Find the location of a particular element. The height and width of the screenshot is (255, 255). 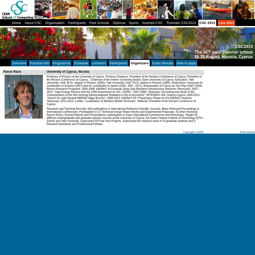

'The 36' is located at coordinates (201, 52).